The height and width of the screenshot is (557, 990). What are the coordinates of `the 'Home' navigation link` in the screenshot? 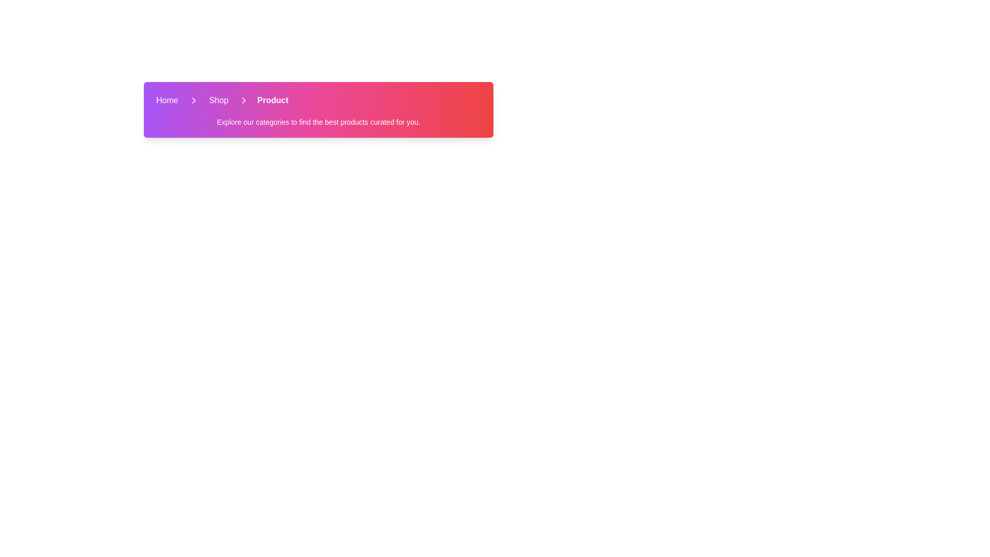 It's located at (167, 101).